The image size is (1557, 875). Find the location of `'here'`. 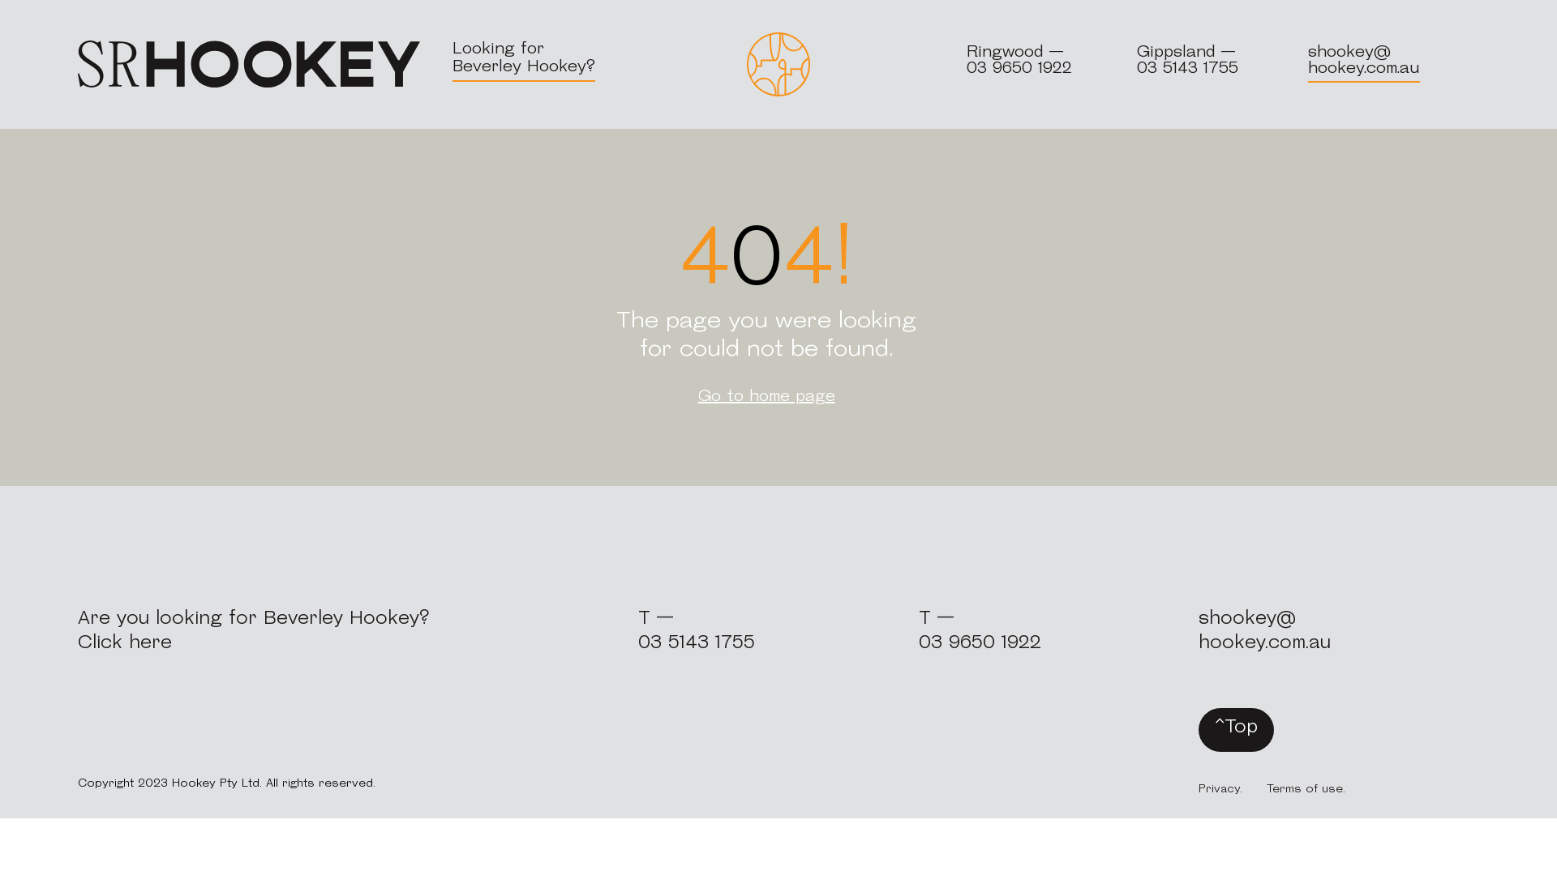

'here' is located at coordinates (127, 642).